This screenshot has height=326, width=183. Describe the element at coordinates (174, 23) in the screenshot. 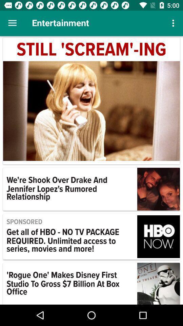

I see `the item to the right of entertainment` at that location.